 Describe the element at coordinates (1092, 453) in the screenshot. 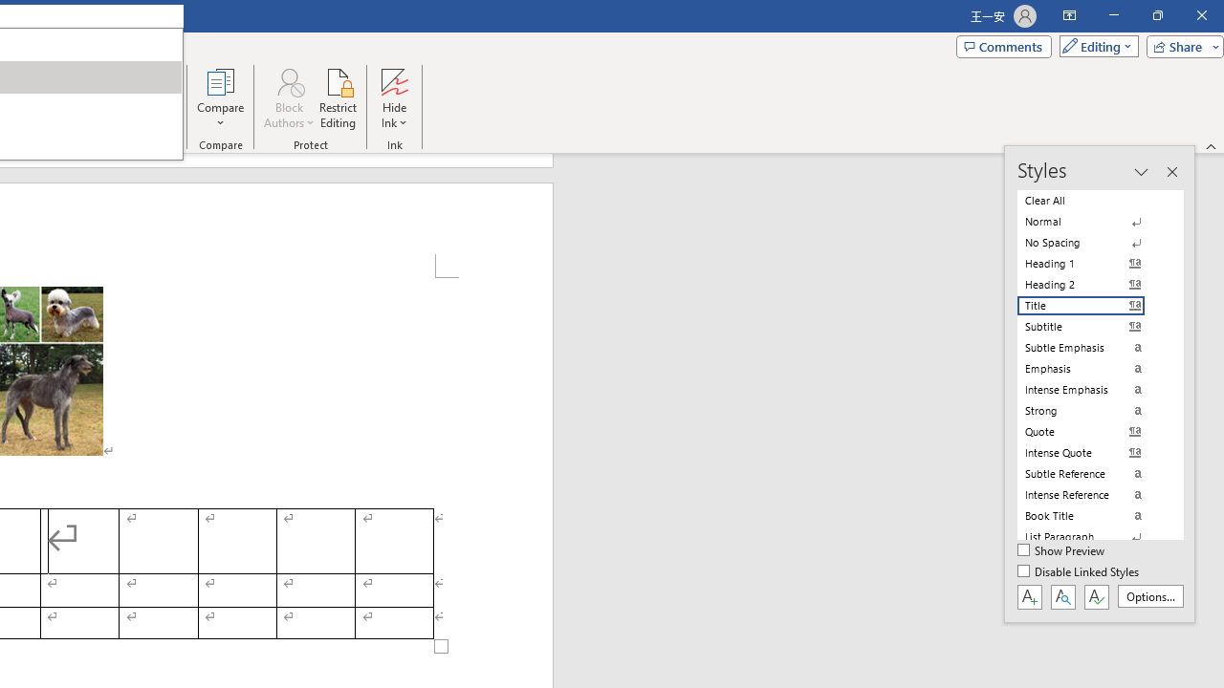

I see `'Intense Quote'` at that location.